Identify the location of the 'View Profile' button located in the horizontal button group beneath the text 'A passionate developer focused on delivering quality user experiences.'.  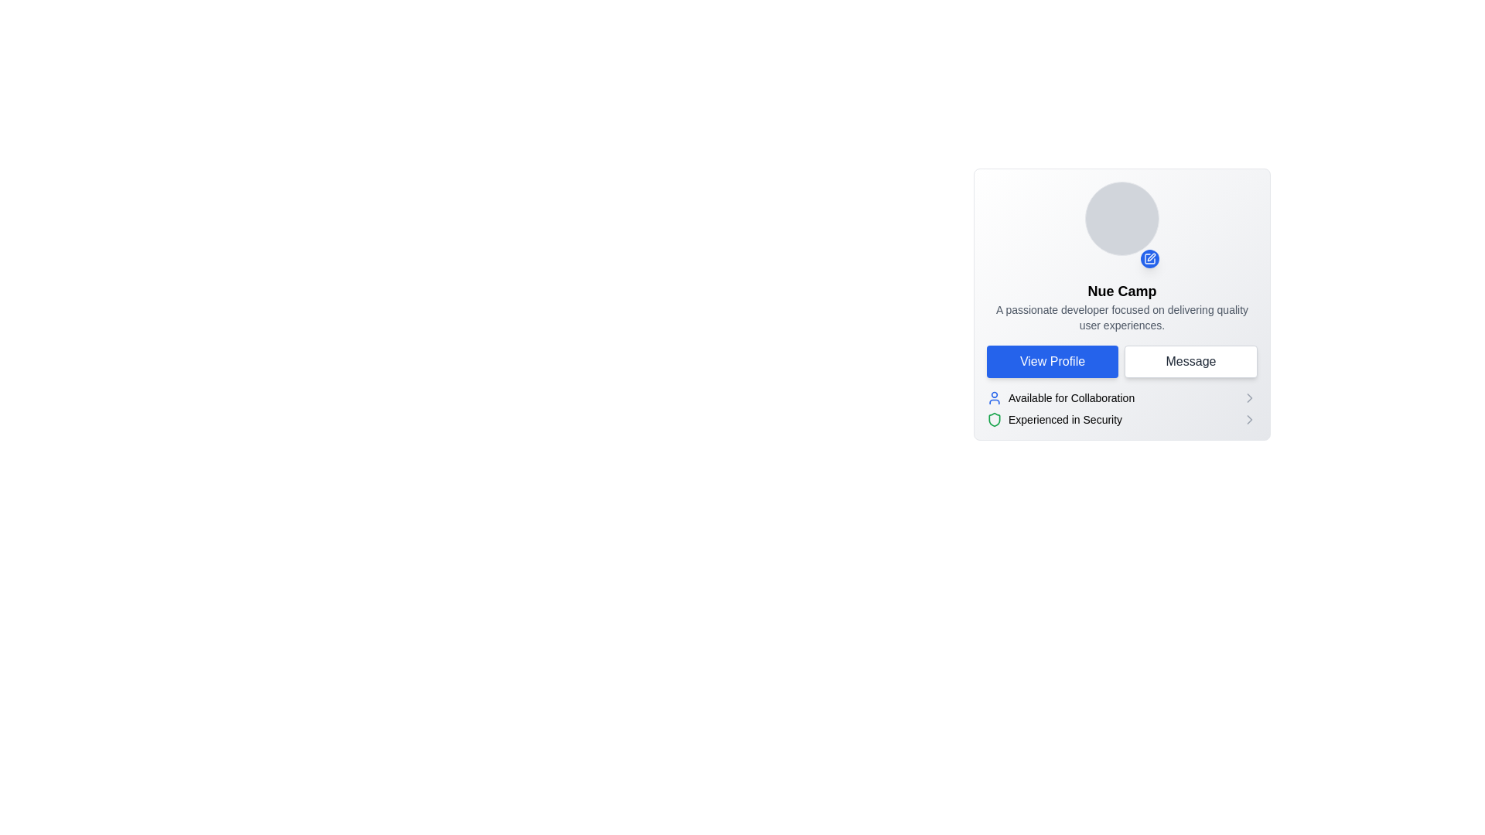
(1121, 361).